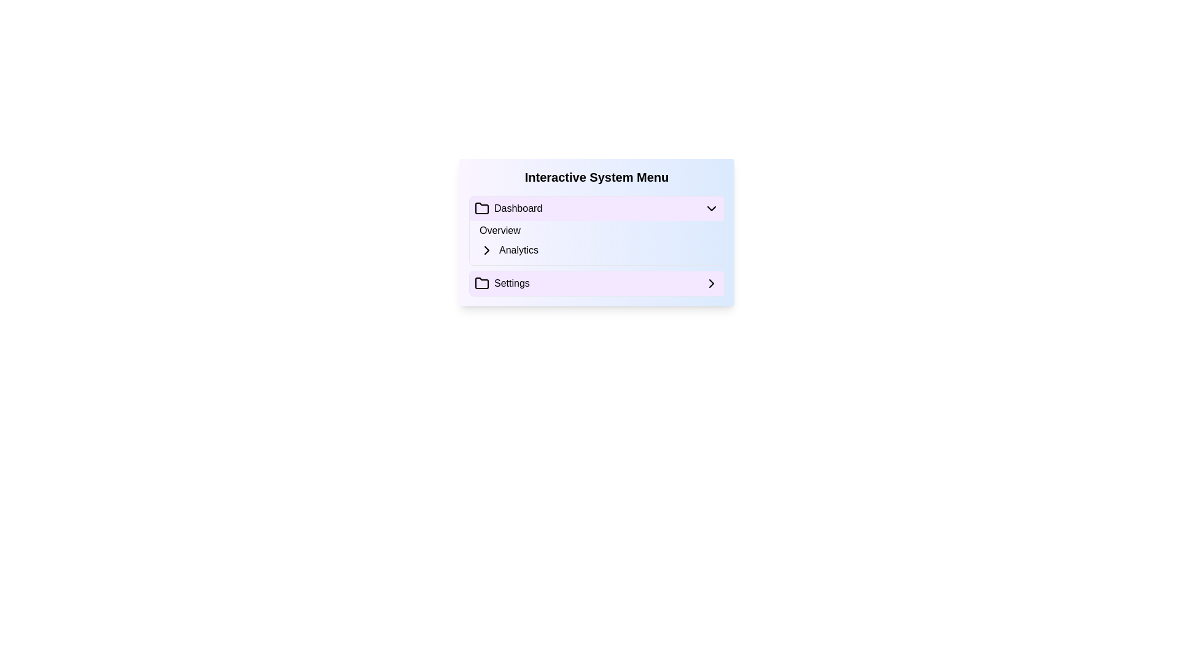  I want to click on the Vector icon representing a folder that signifies the Settings section in the menu, located next to the text 'Settings', so click(481, 284).